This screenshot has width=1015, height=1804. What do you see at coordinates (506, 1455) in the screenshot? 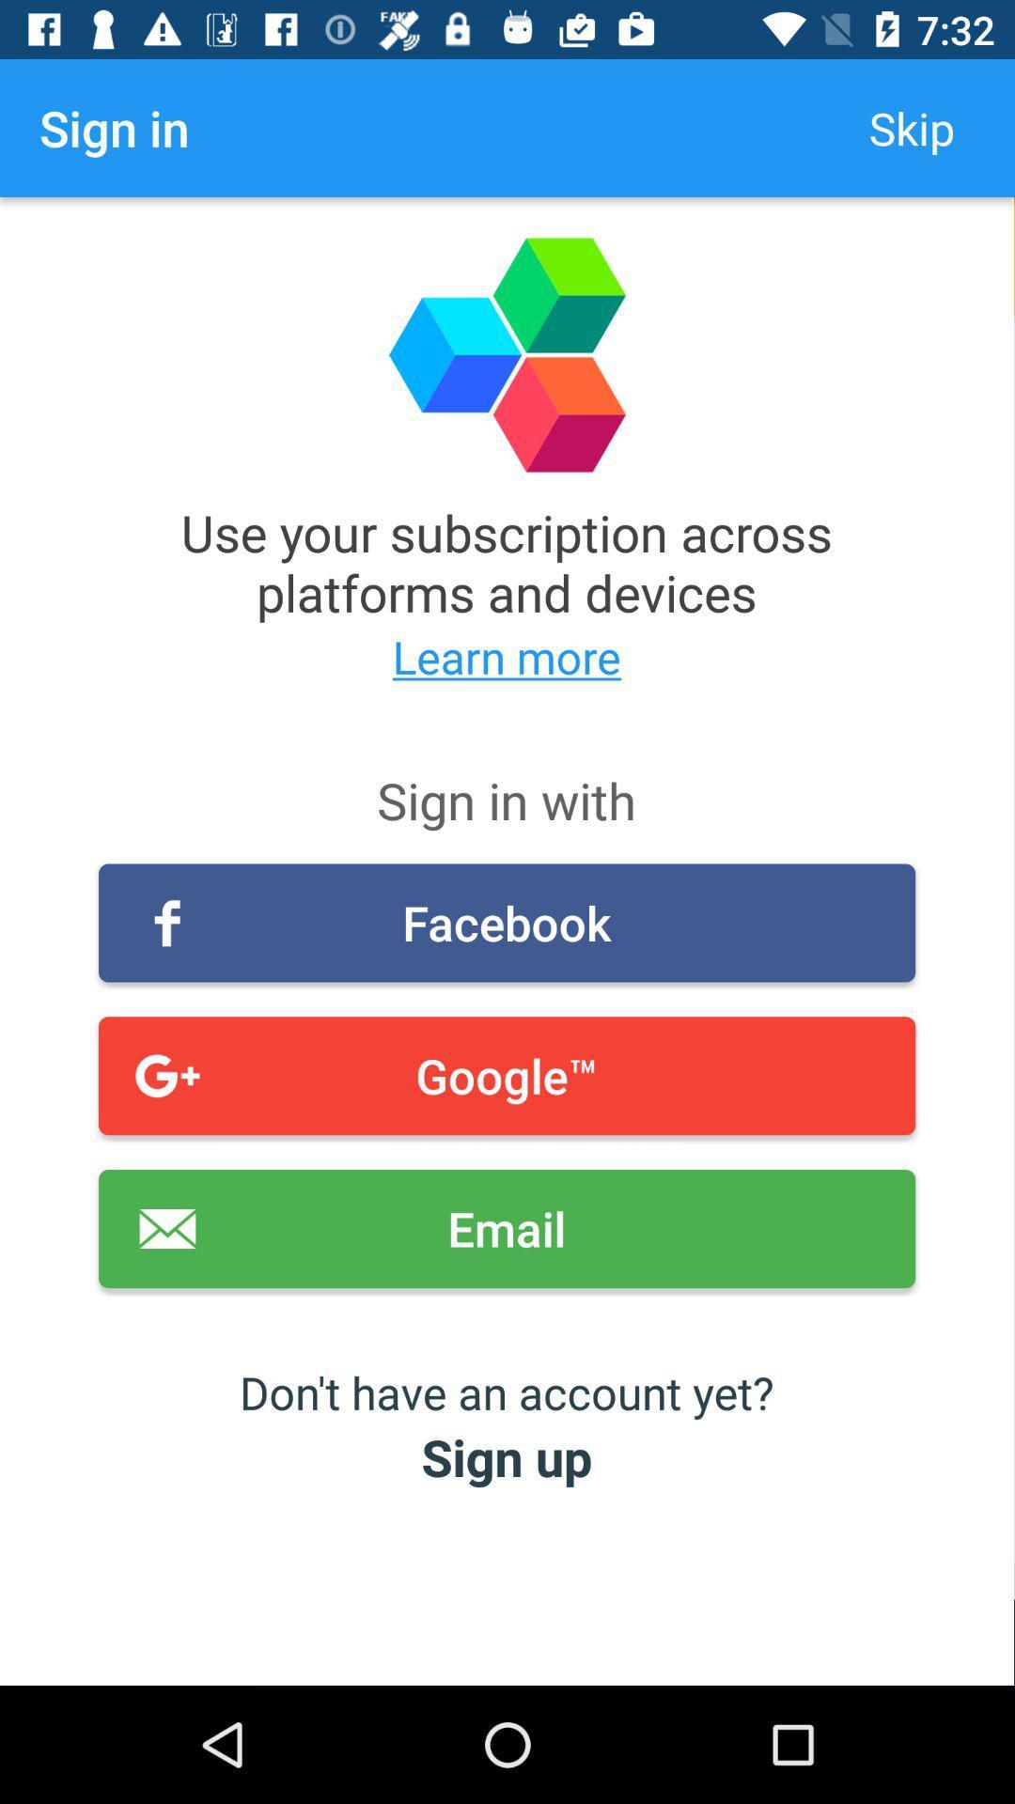
I see `icon below the don t have` at bounding box center [506, 1455].